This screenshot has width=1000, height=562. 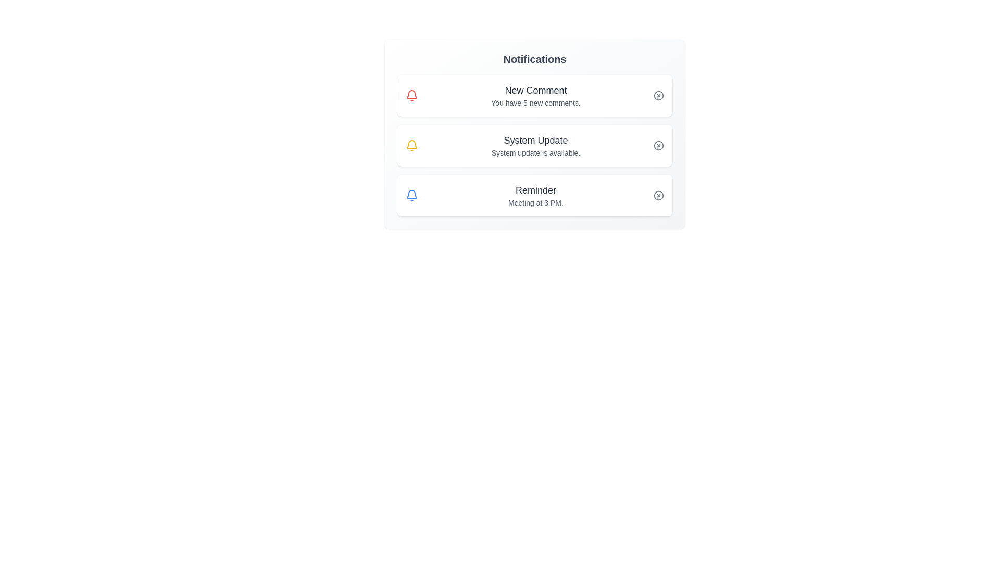 I want to click on the 'New Comment' text label located in the notification section, which is styled prominently with a larger font size and dark gray color, so click(x=535, y=90).